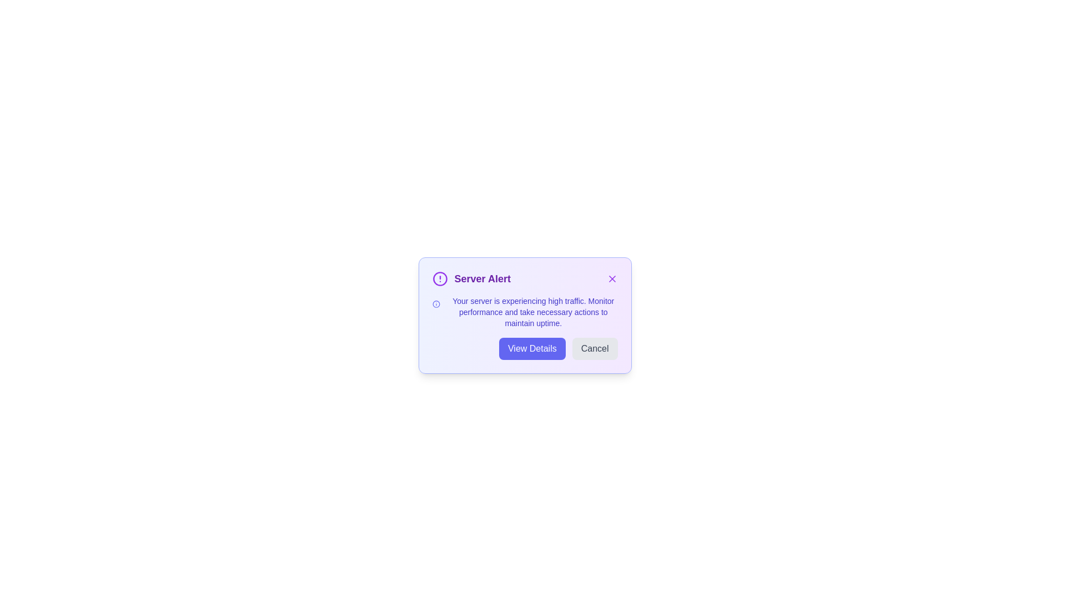 This screenshot has width=1066, height=599. What do you see at coordinates (594, 348) in the screenshot?
I see `the 'Cancel' button to dismiss the dialog` at bounding box center [594, 348].